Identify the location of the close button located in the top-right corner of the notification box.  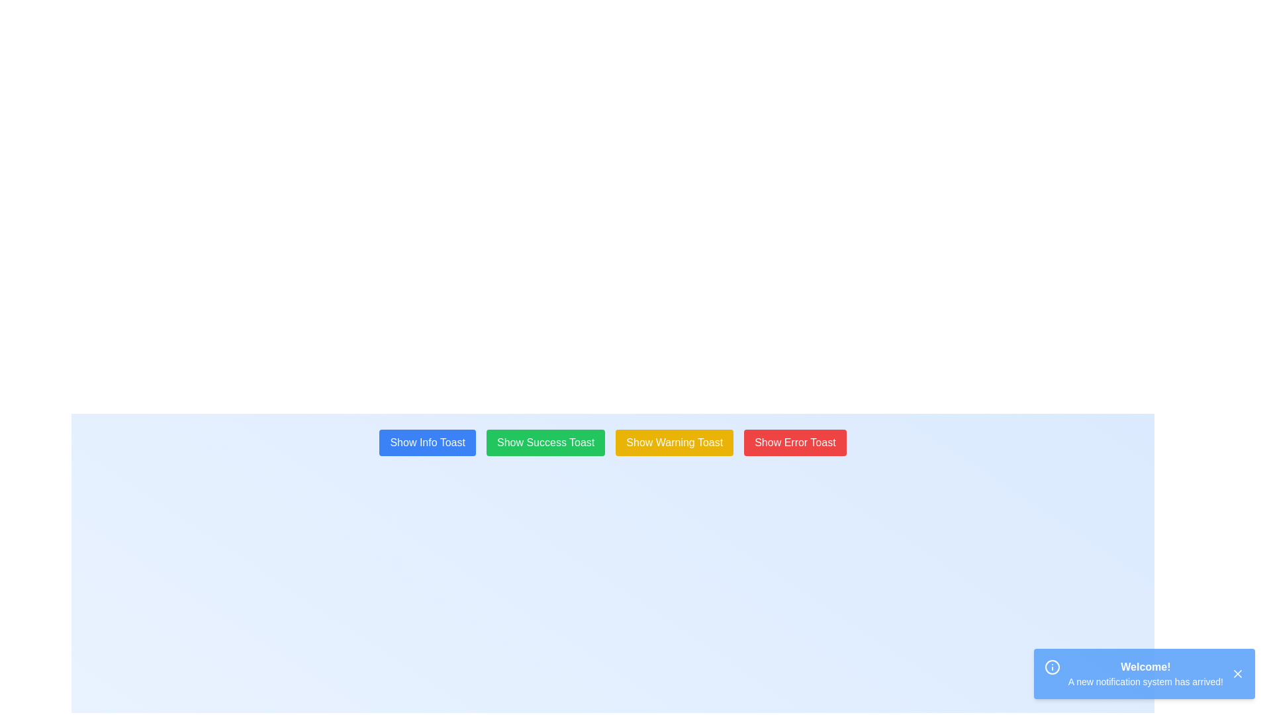
(1237, 674).